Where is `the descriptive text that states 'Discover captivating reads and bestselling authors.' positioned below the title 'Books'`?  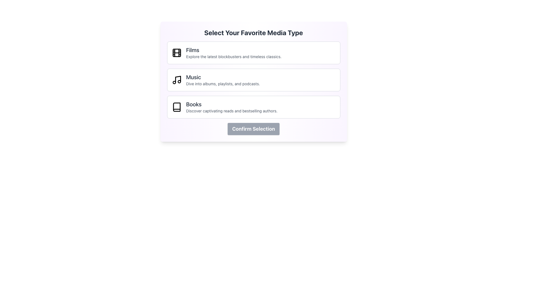 the descriptive text that states 'Discover captivating reads and bestselling authors.' positioned below the title 'Books' is located at coordinates (232, 111).